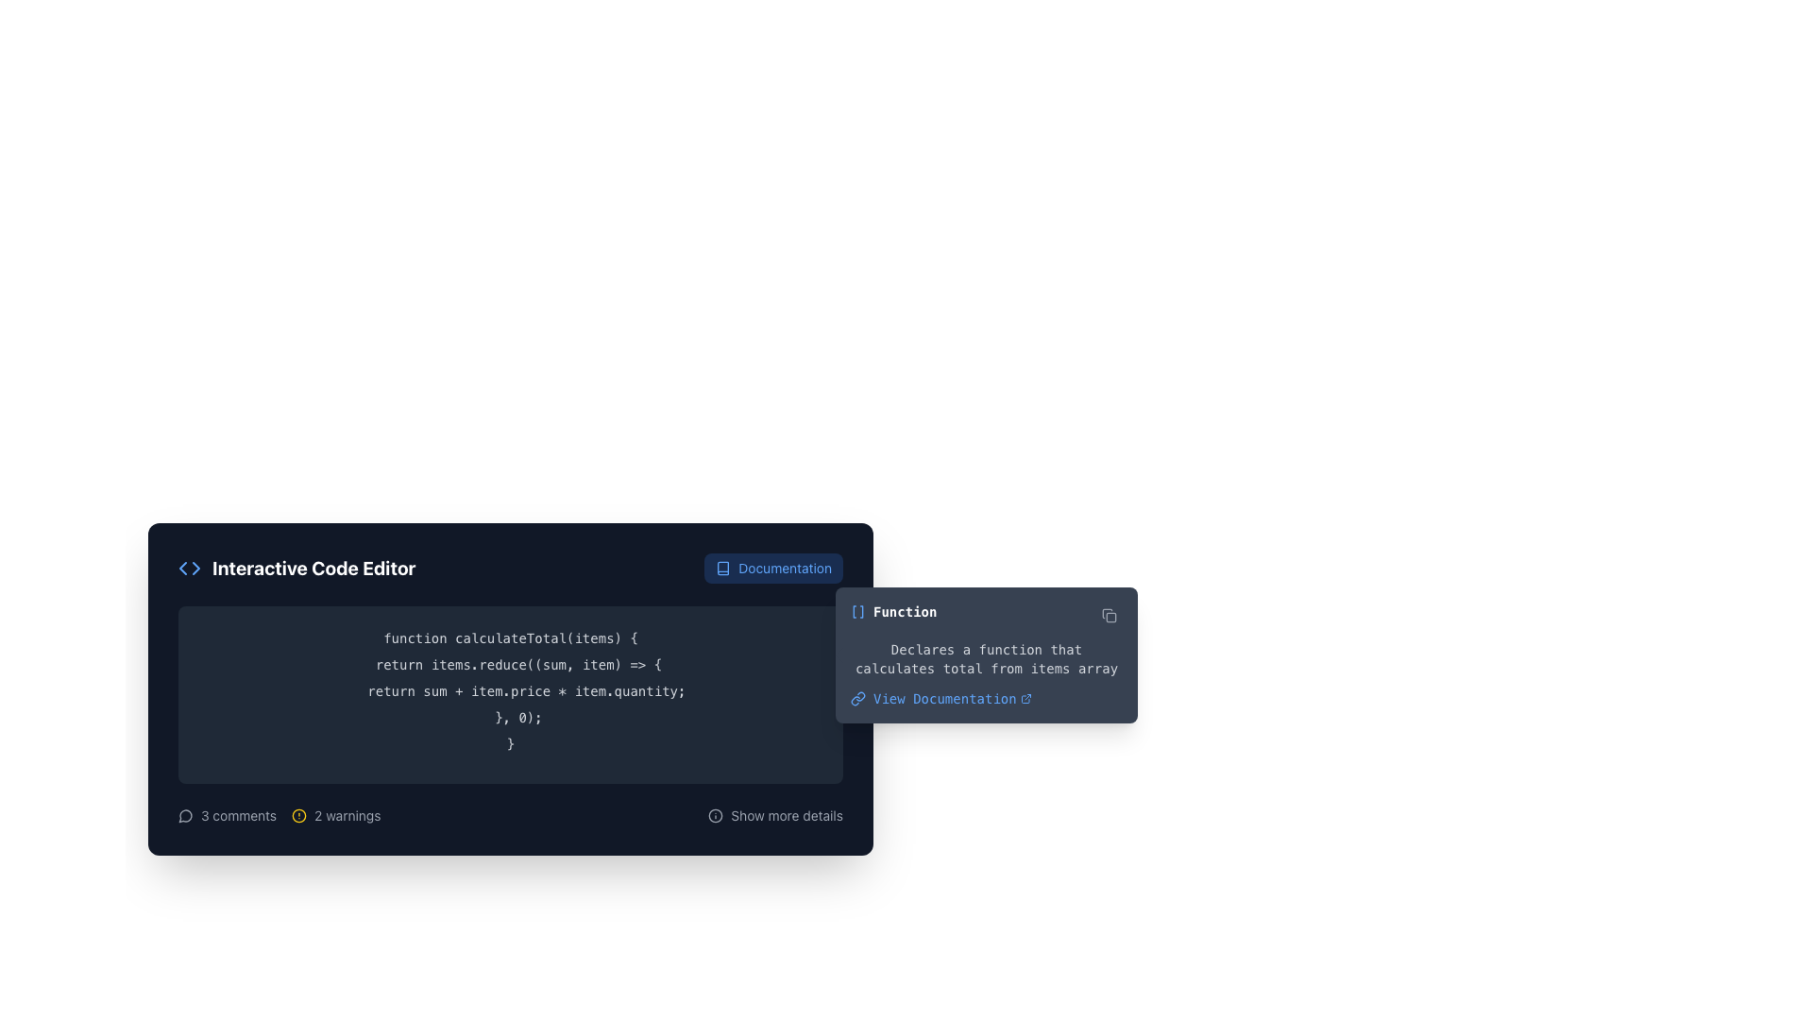 The height and width of the screenshot is (1020, 1813). Describe the element at coordinates (1110, 615) in the screenshot. I see `the square copy icon located within the tooltip adjacent to the 'Function' text label` at that location.